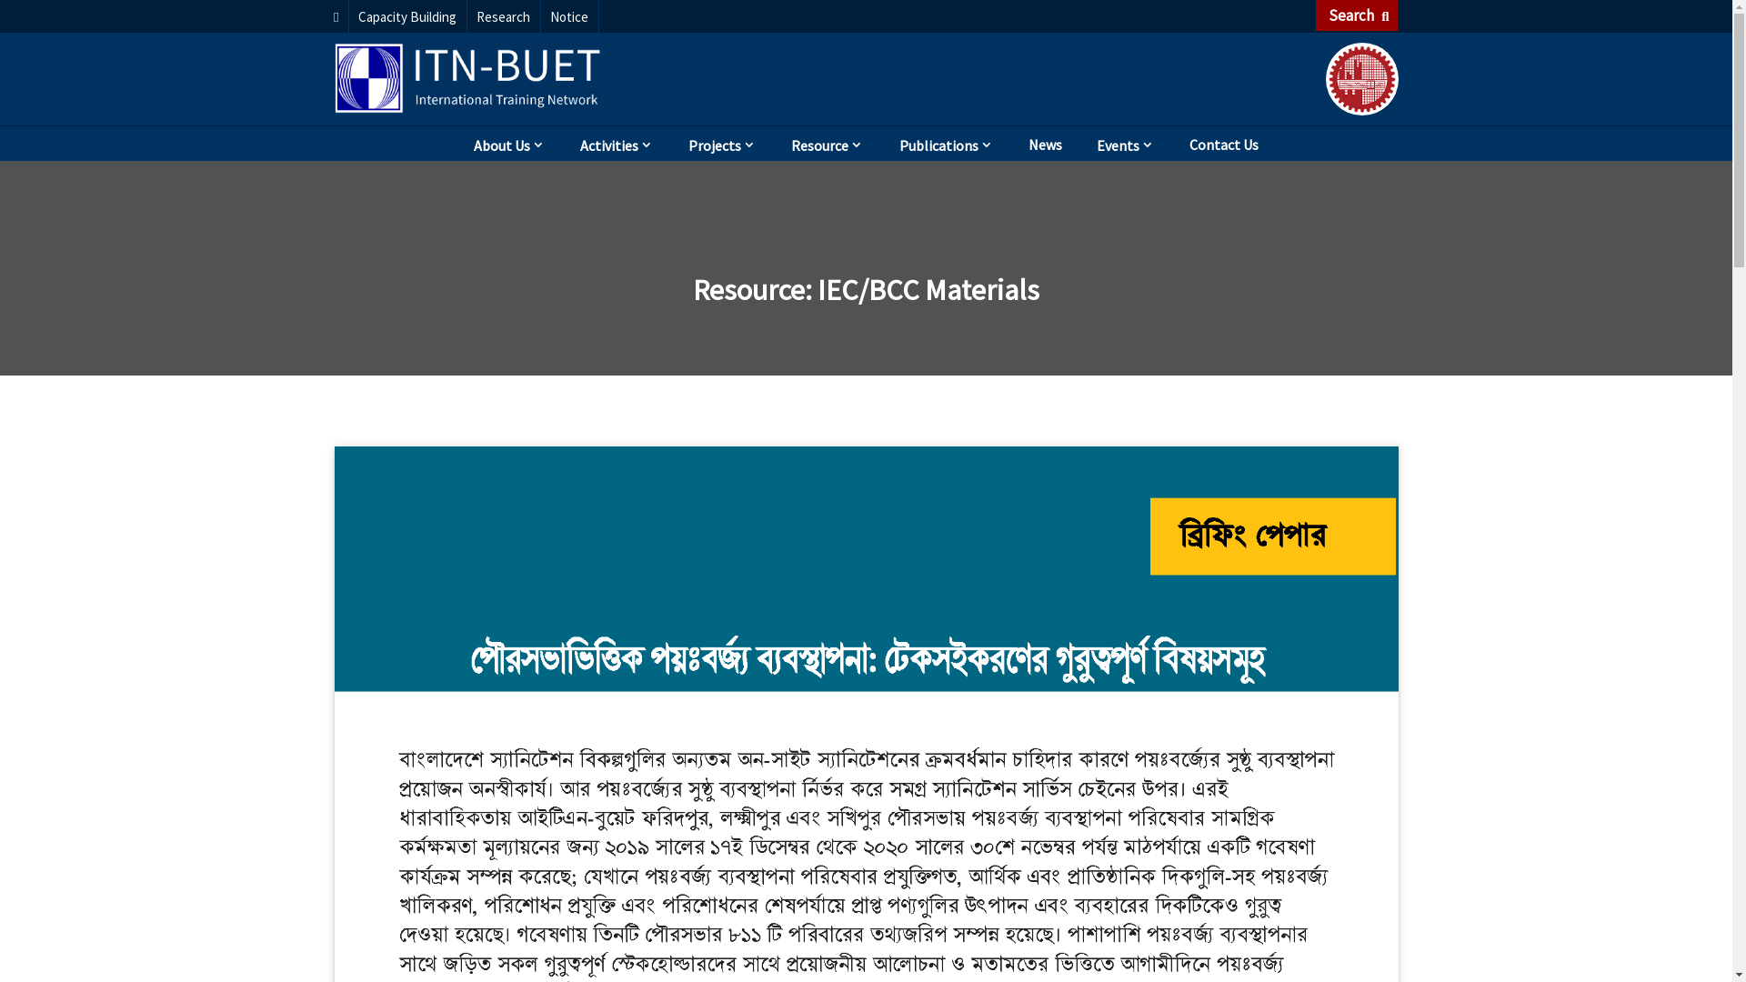 Image resolution: width=1746 pixels, height=982 pixels. What do you see at coordinates (407, 16) in the screenshot?
I see `'Capacity Building'` at bounding box center [407, 16].